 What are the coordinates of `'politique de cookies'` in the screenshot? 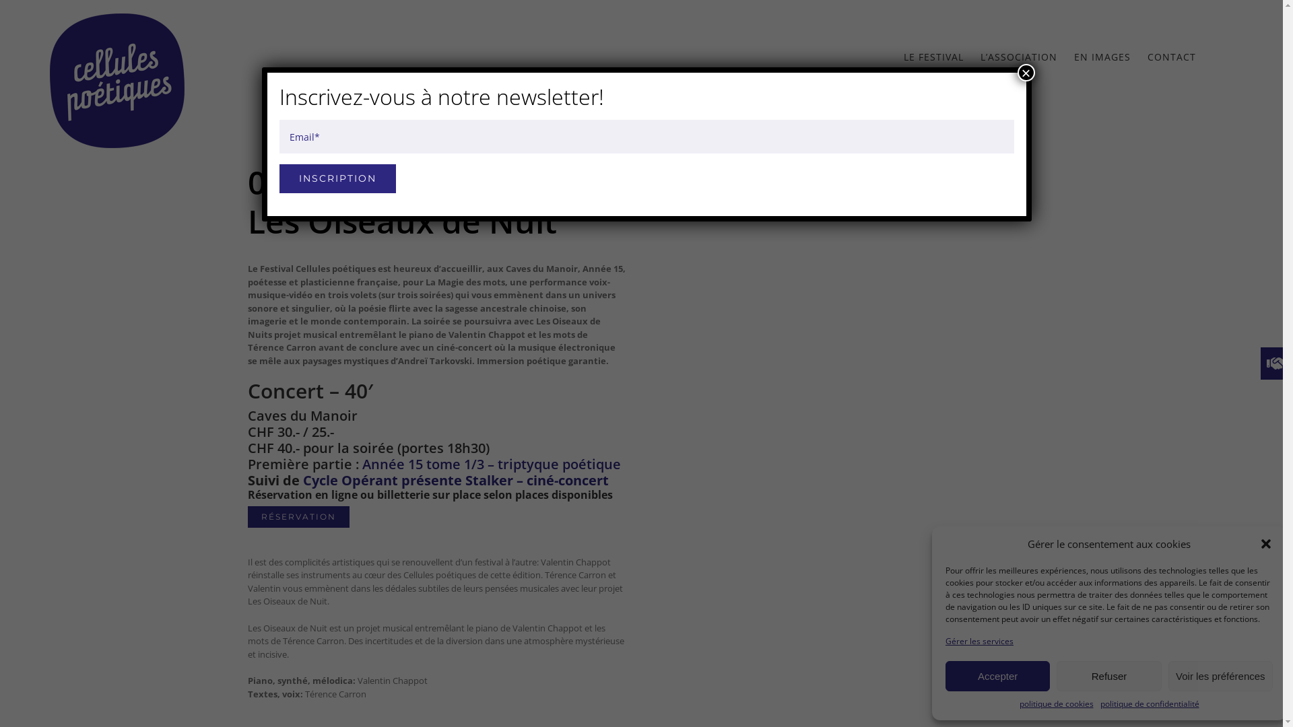 It's located at (1056, 703).